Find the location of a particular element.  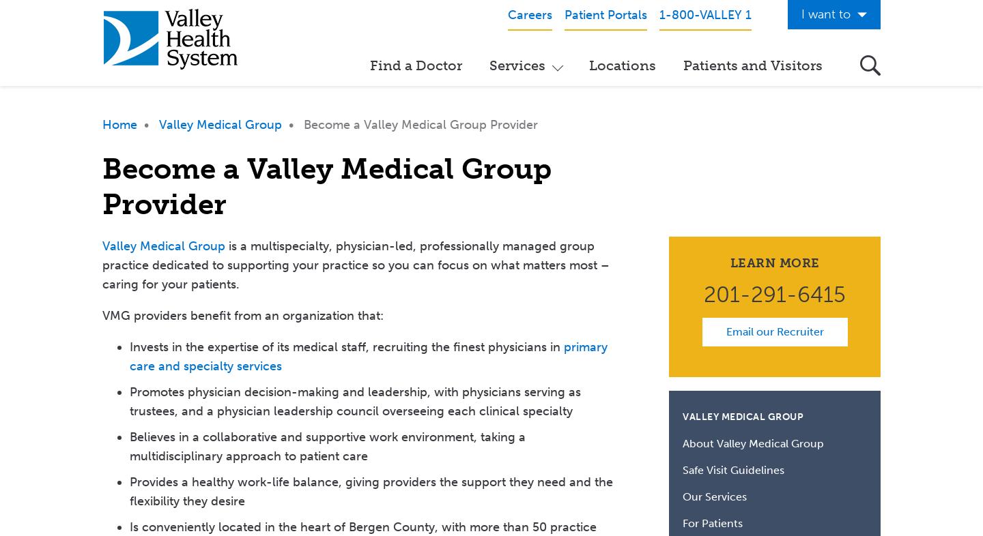

'Safe Visit Guidelines' is located at coordinates (733, 470).